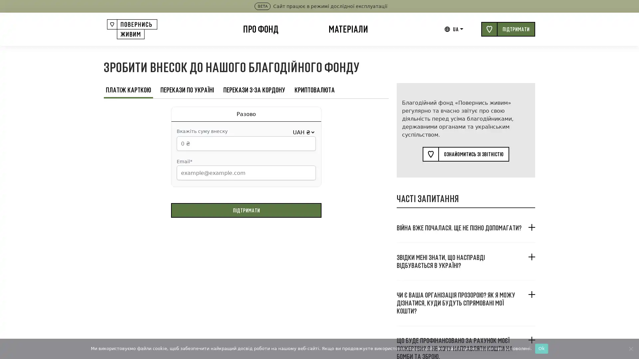 This screenshot has height=359, width=639. I want to click on ,     ?, so click(466, 261).